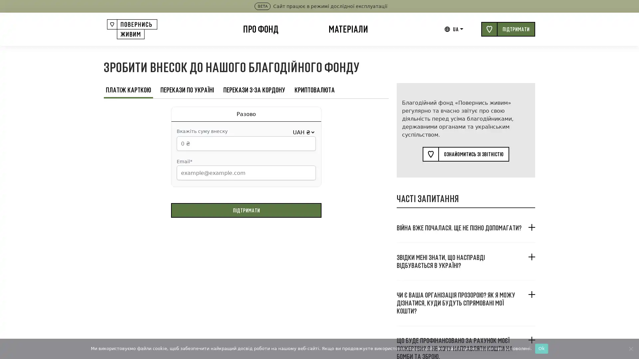 This screenshot has height=359, width=639. I want to click on ,     ?, so click(466, 261).